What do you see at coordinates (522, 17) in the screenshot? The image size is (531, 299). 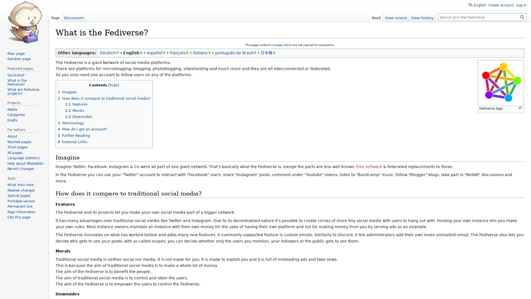 I see `Search` at bounding box center [522, 17].